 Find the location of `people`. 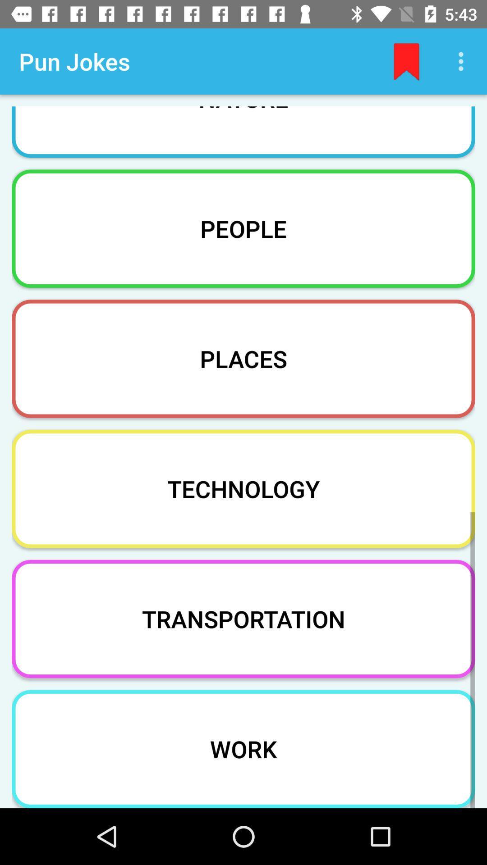

people is located at coordinates (243, 228).